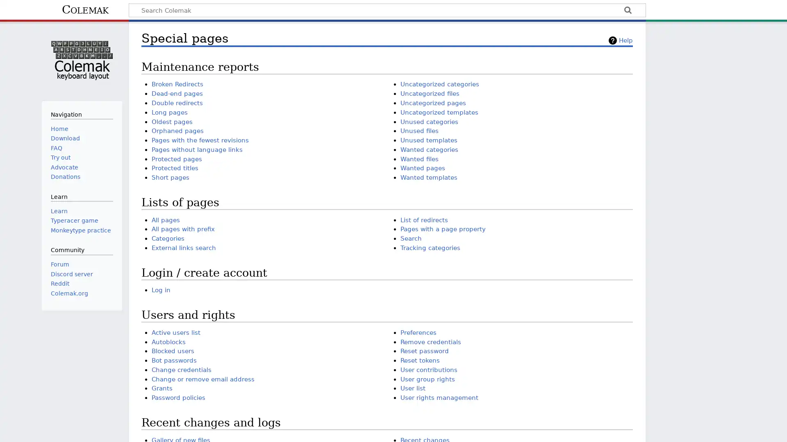 This screenshot has width=787, height=442. What do you see at coordinates (627, 11) in the screenshot?
I see `Search` at bounding box center [627, 11].